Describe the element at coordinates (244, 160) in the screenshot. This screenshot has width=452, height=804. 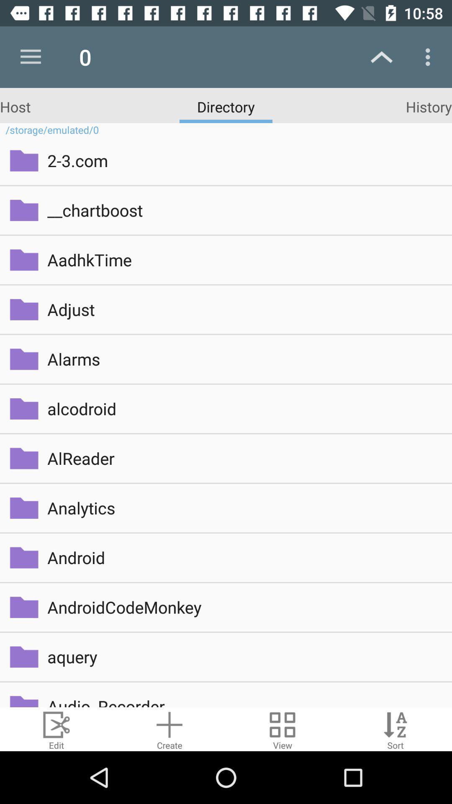
I see `the item below the /storage/emulated/0` at that location.